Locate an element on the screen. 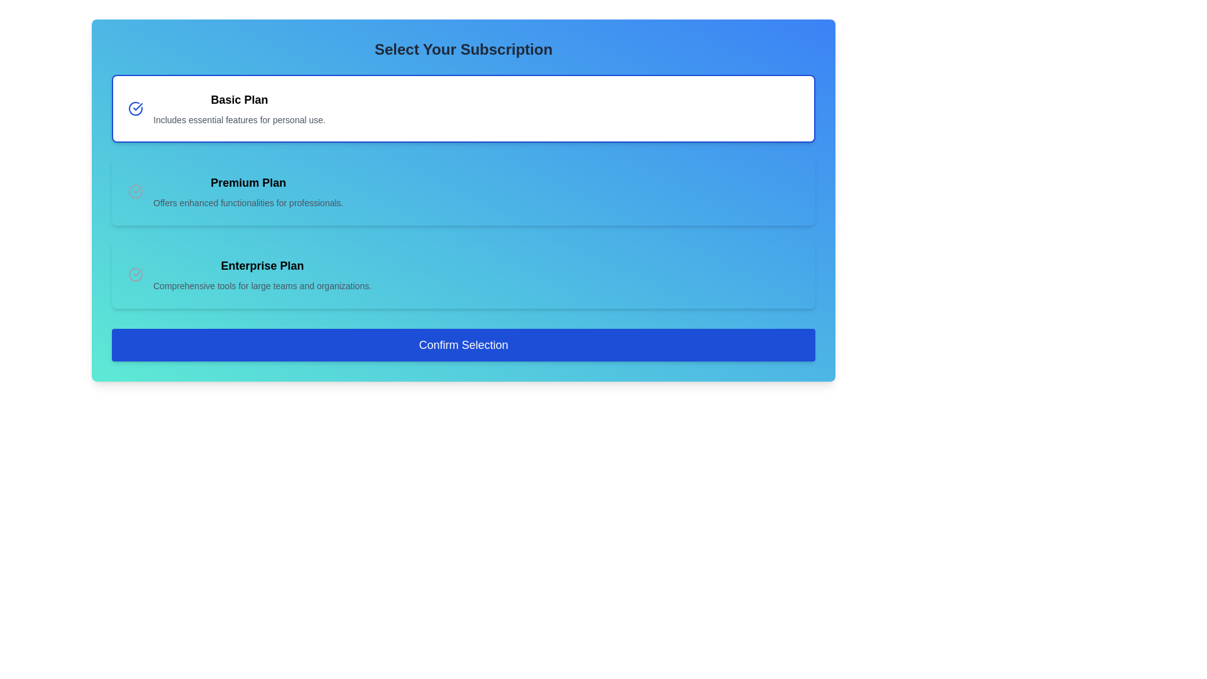 Image resolution: width=1207 pixels, height=679 pixels. the 'Premium Plan' subscription title label, which is located in the second subscription option card, centered horizontally above the descriptive text is located at coordinates (248, 182).